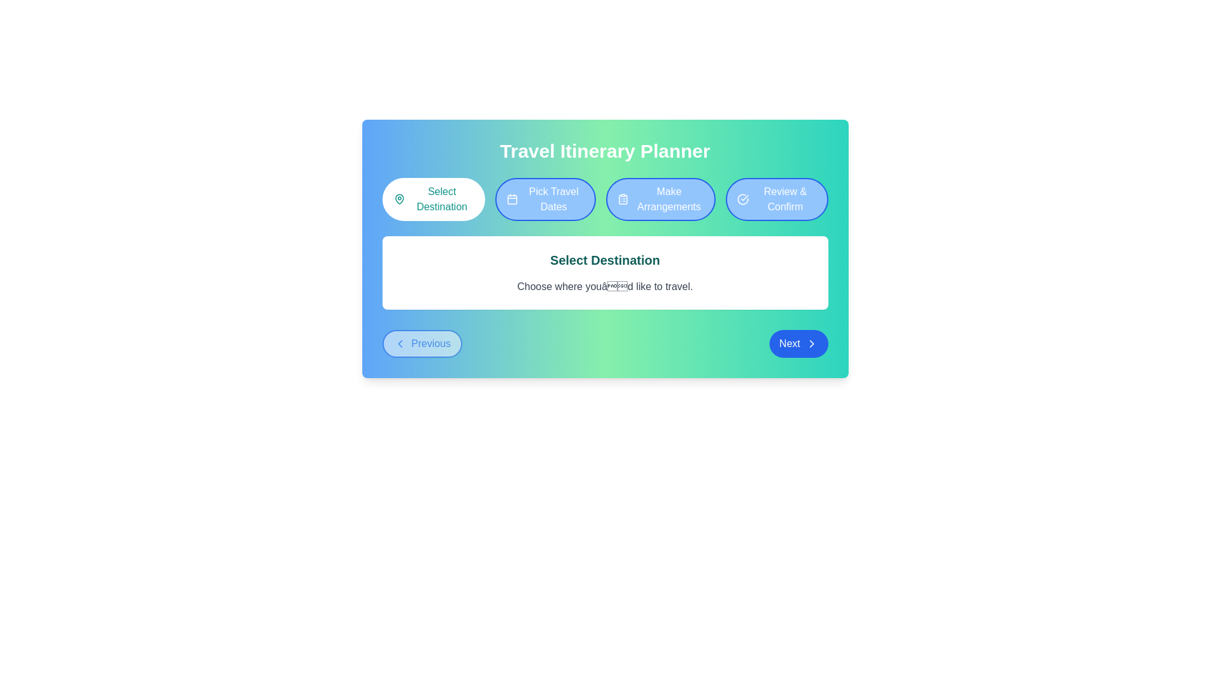  Describe the element at coordinates (784, 199) in the screenshot. I see `the Text Label within the Button that indicates the purpose of navigating to the Review & Confirm stage in the task workflow` at that location.